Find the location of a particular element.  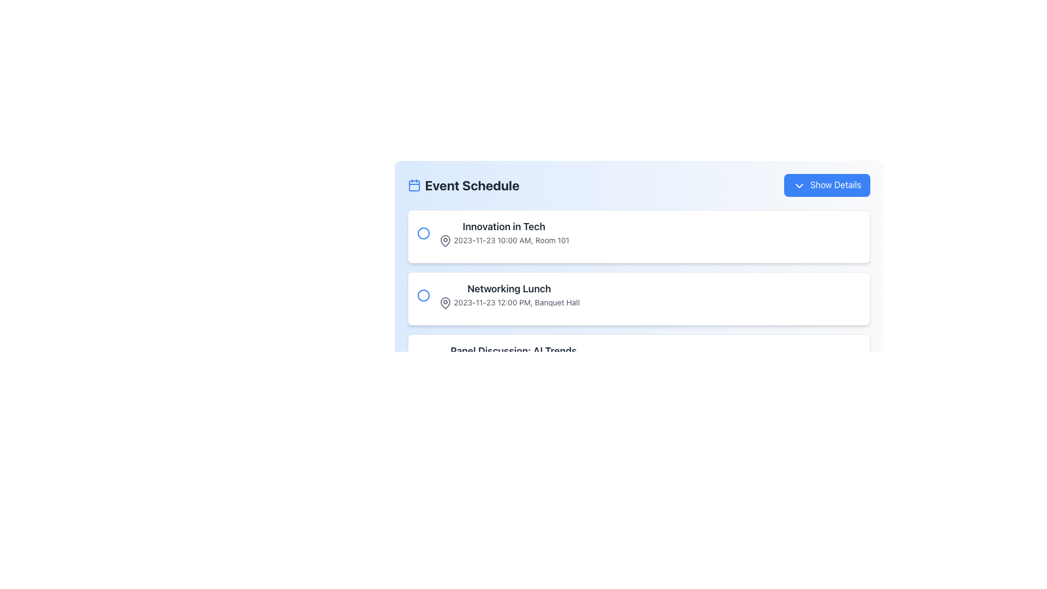

the second entry in the event schedule, located between 'Innovation in Tech' and 'Panel Discussion: AI Trends', for more details is located at coordinates (639, 280).